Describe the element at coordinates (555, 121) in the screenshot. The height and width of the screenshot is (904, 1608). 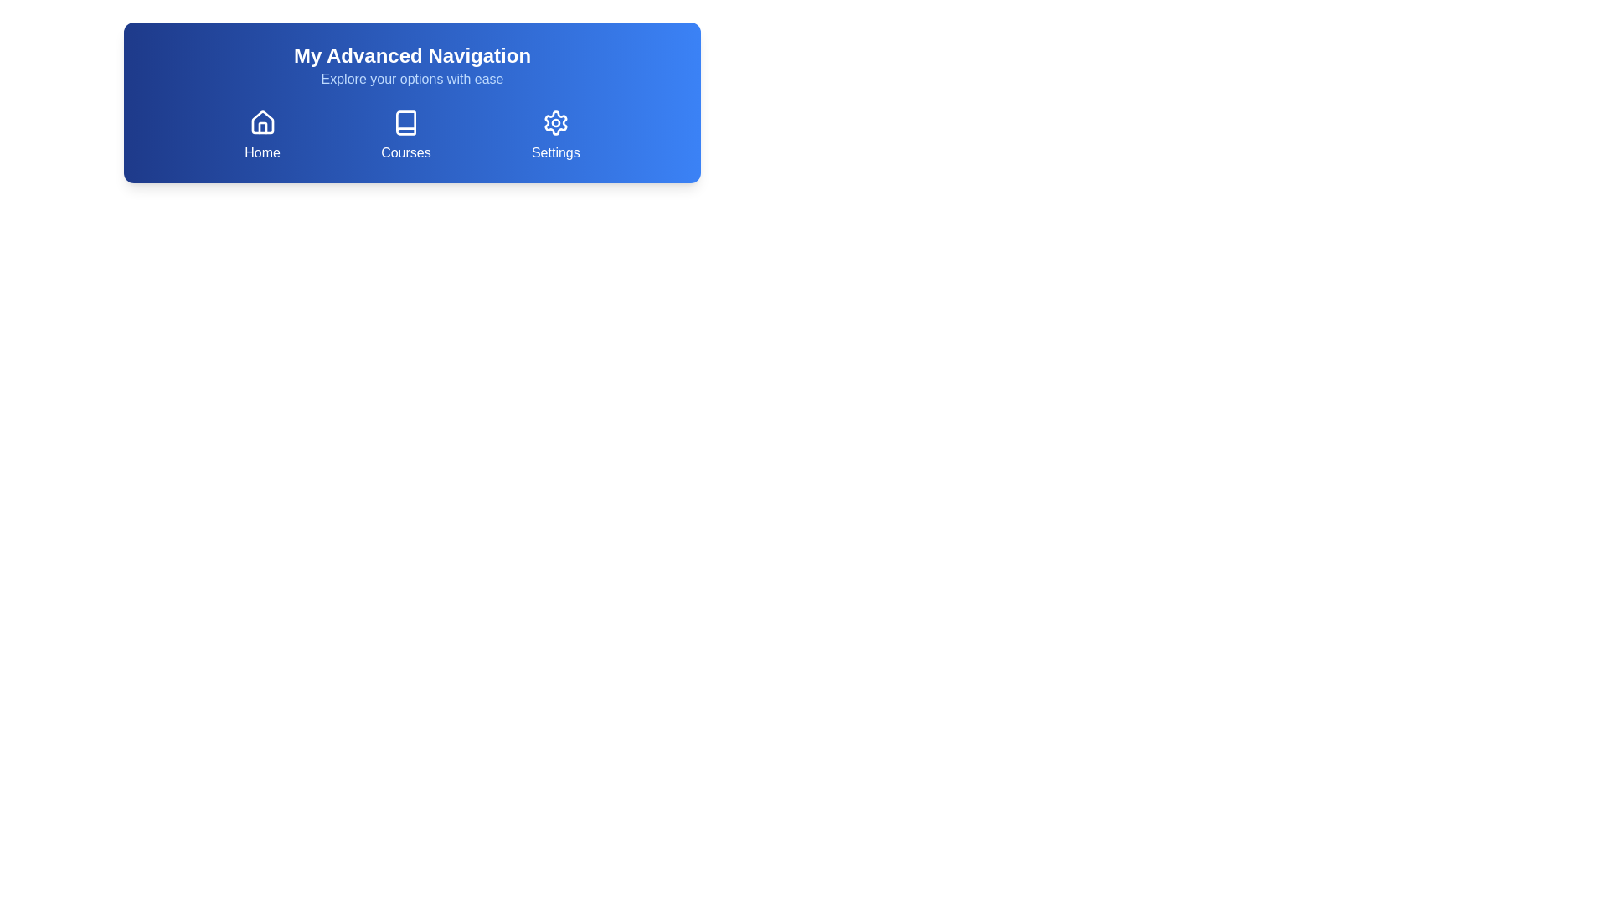
I see `the gear icon button in the Settings menu` at that location.